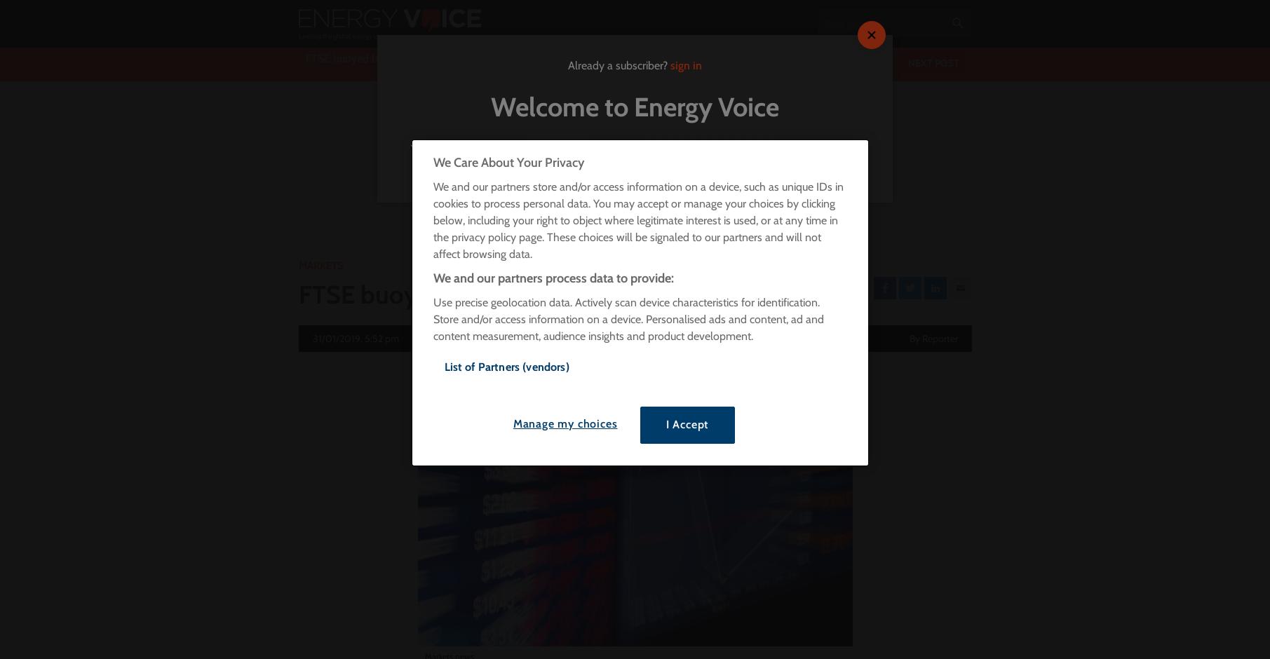 The height and width of the screenshot is (659, 1270). I want to click on 'Transport', so click(867, 230).